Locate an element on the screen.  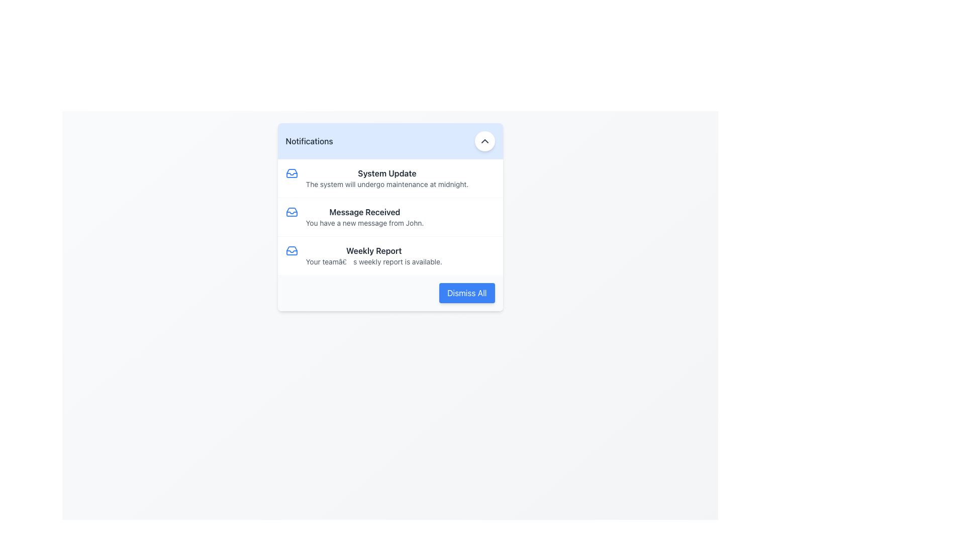
text label that says 'System Update,' which is styled in bold dark gray font and located in the notifications dialog box is located at coordinates (387, 172).